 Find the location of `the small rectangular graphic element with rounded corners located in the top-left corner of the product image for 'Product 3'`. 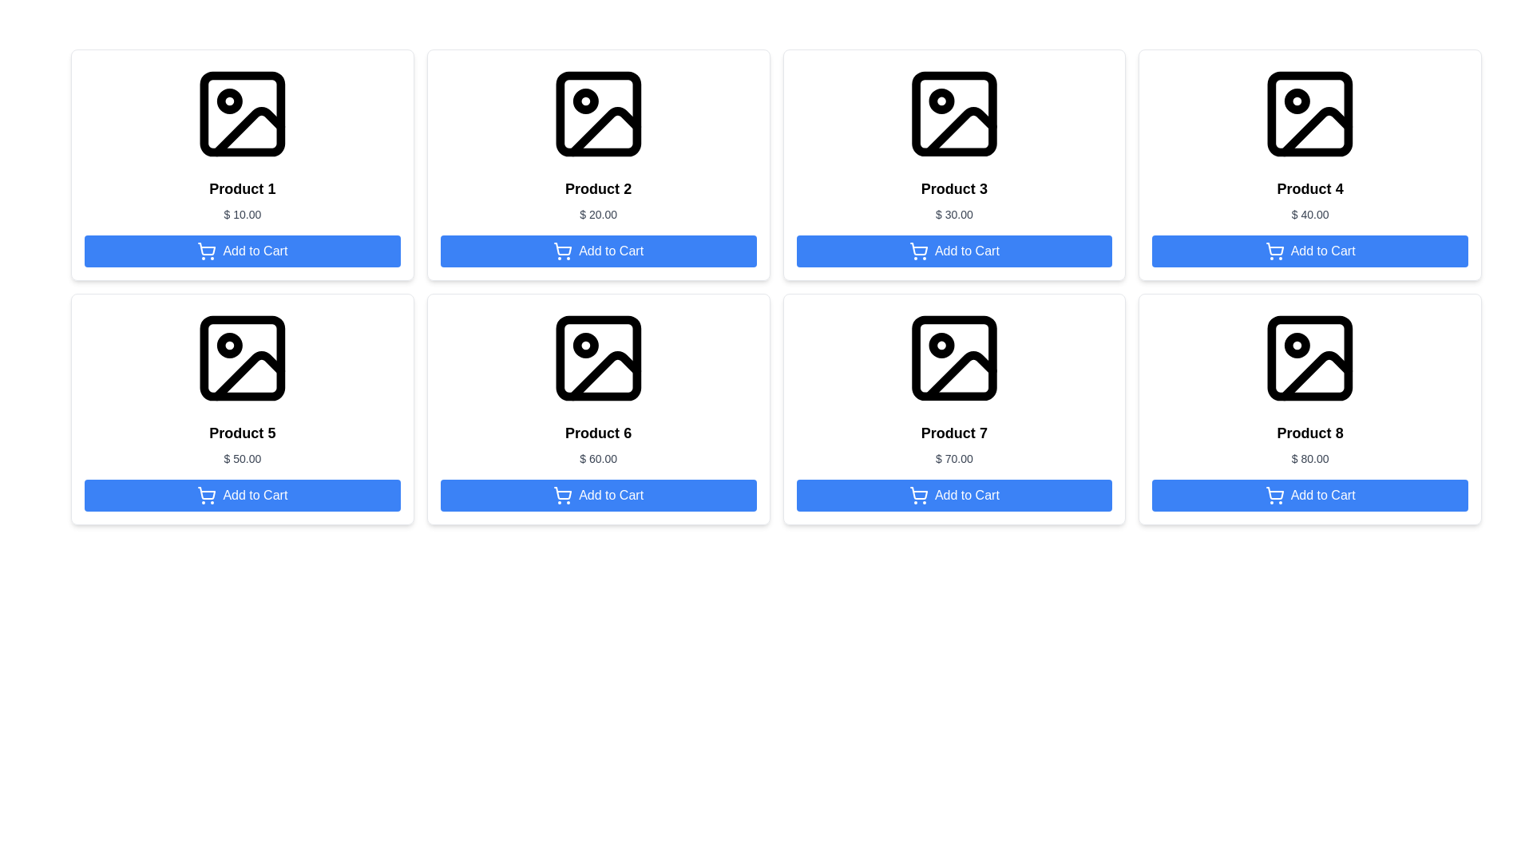

the small rectangular graphic element with rounded corners located in the top-left corner of the product image for 'Product 3' is located at coordinates (954, 113).